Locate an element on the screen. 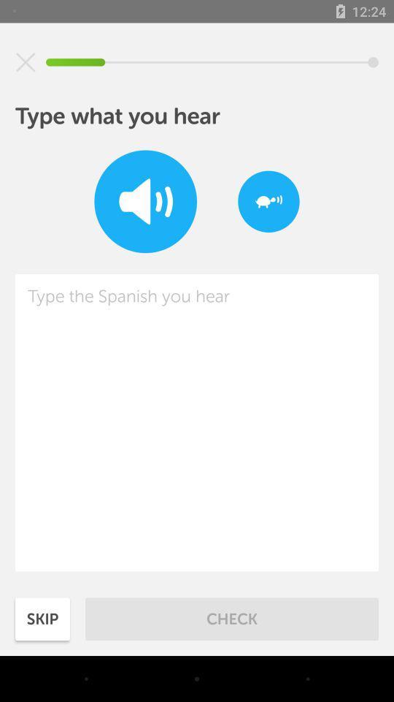 This screenshot has height=702, width=394. space to type spanish is located at coordinates (197, 423).